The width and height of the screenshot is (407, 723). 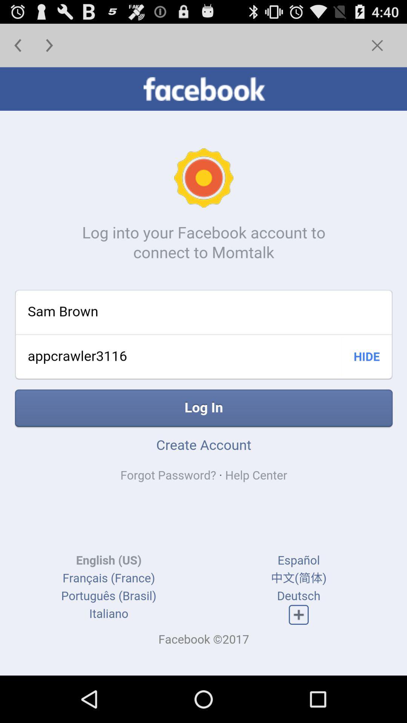 What do you see at coordinates (377, 48) in the screenshot?
I see `the close icon` at bounding box center [377, 48].